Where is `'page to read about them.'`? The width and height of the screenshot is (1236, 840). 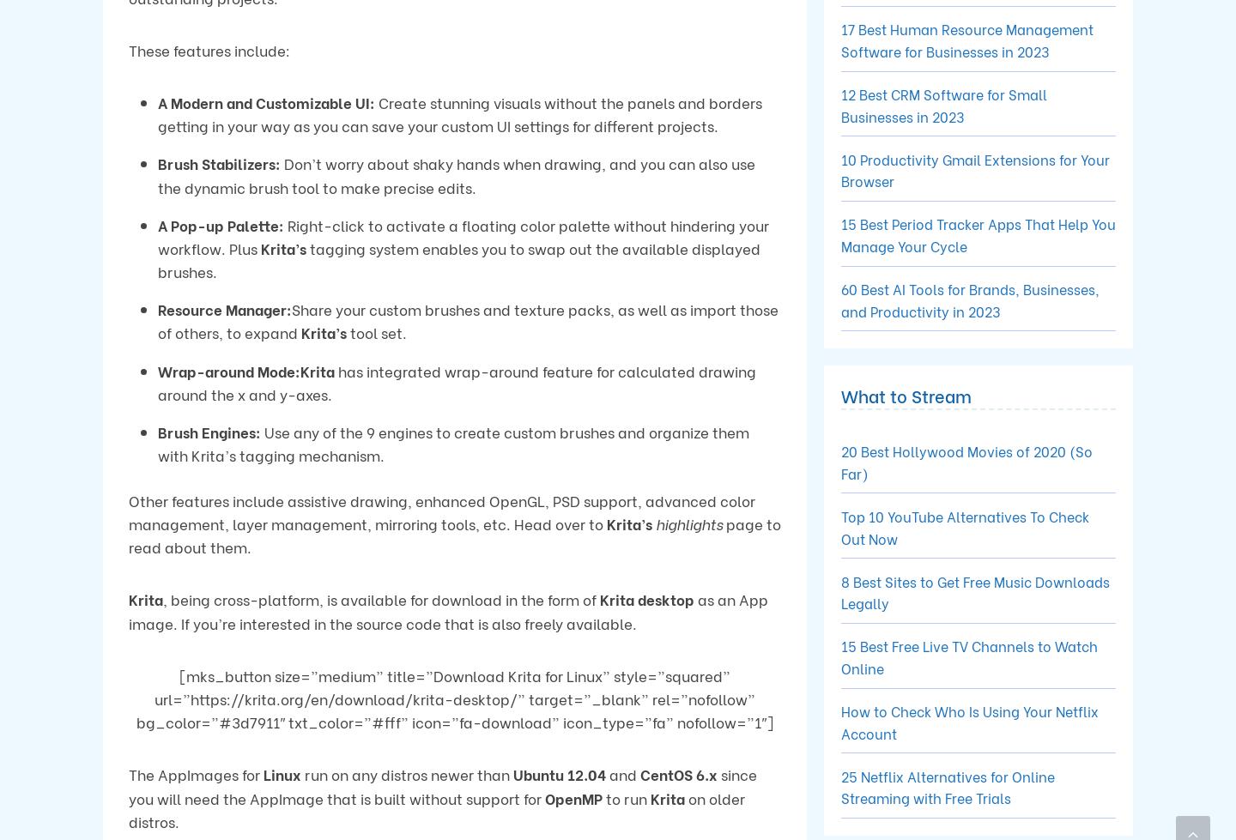
'page to read about them.' is located at coordinates (128, 535).